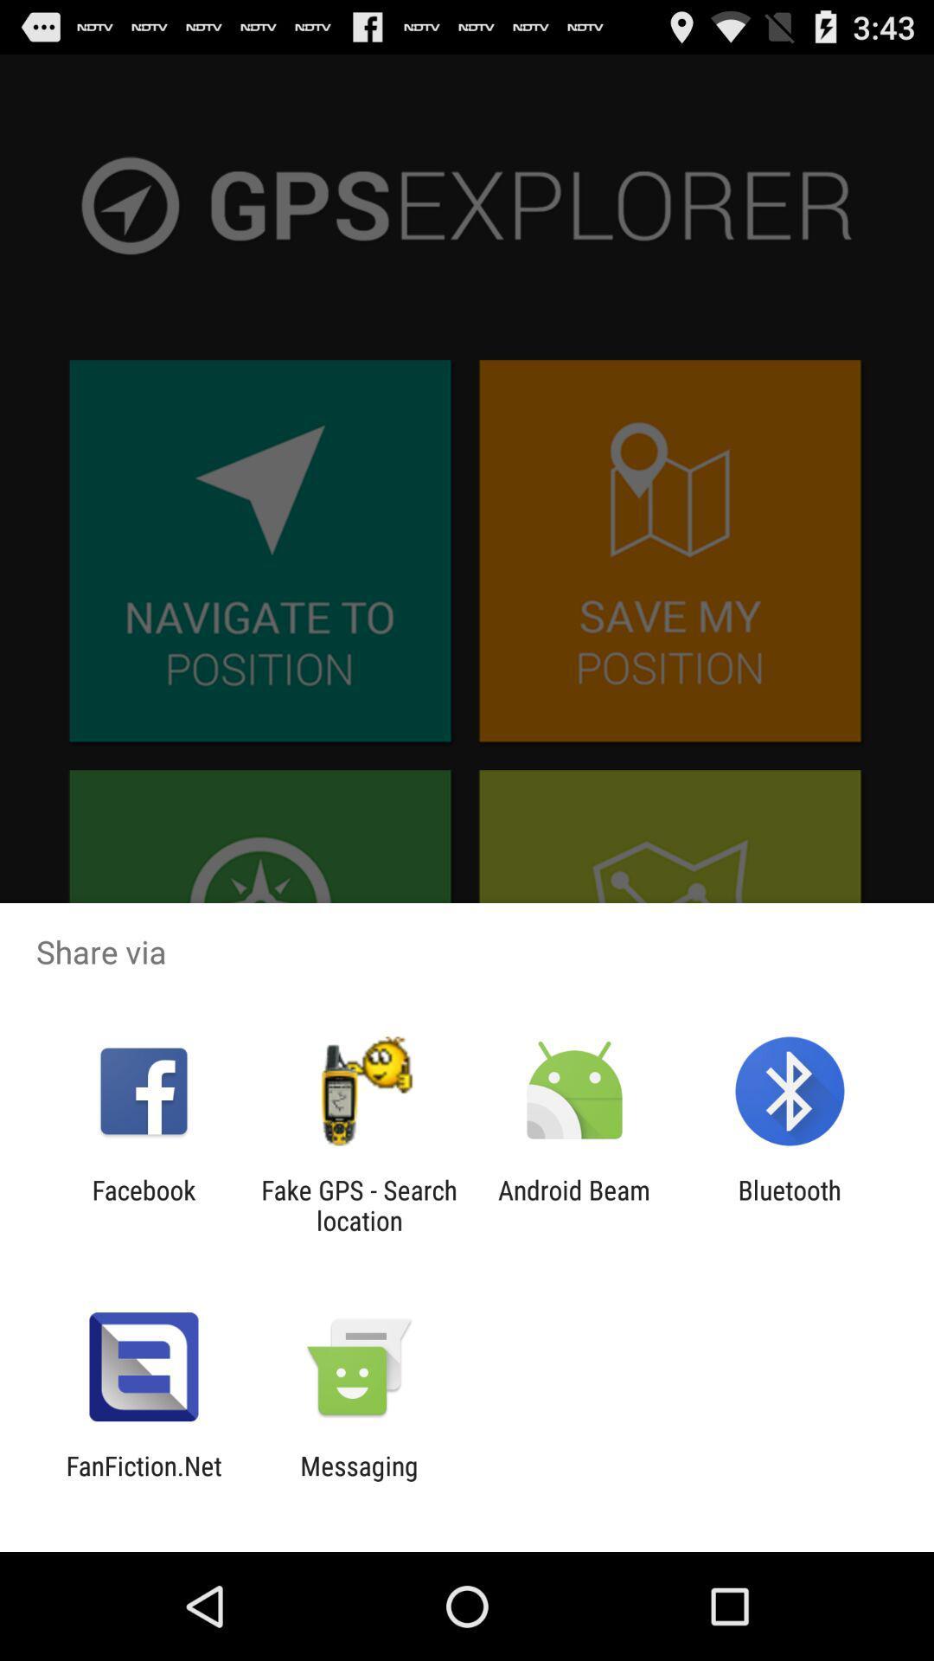 The image size is (934, 1661). Describe the element at coordinates (143, 1204) in the screenshot. I see `the facebook icon` at that location.